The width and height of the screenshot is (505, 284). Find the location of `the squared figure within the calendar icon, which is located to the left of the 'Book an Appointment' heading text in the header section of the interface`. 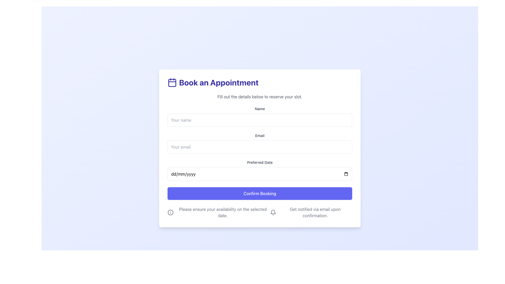

the squared figure within the calendar icon, which is located to the left of the 'Book an Appointment' heading text in the header section of the interface is located at coordinates (172, 83).